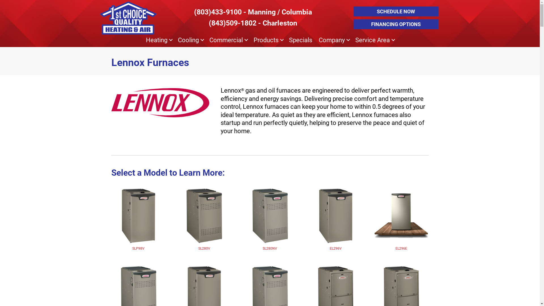  I want to click on 'SLP98V', so click(138, 219).